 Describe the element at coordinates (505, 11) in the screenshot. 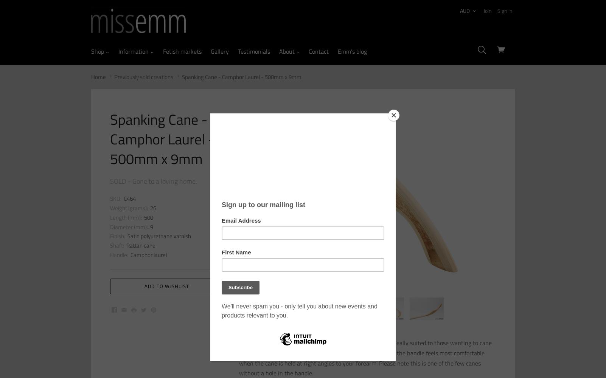

I see `'Sign in'` at that location.